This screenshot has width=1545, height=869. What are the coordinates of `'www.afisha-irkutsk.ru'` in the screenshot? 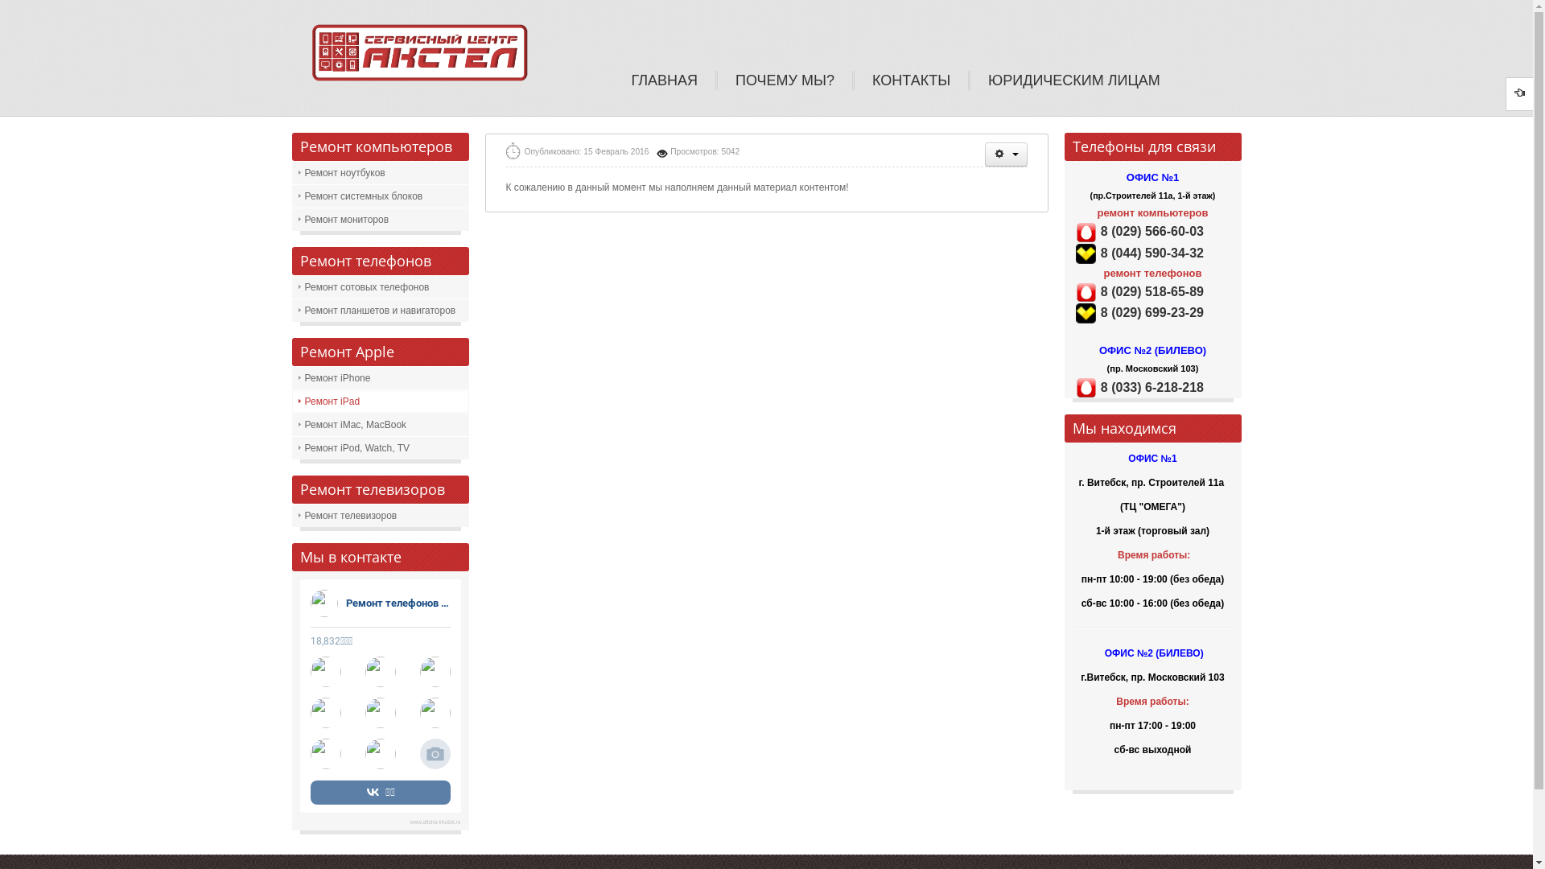 It's located at (435, 822).